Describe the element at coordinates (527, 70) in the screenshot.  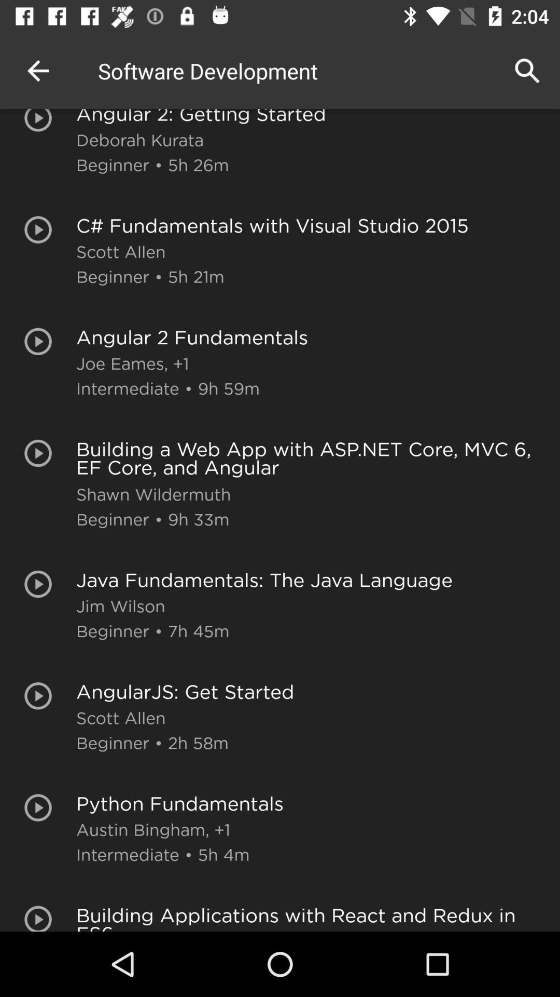
I see `the icon above angular 2 getting icon` at that location.